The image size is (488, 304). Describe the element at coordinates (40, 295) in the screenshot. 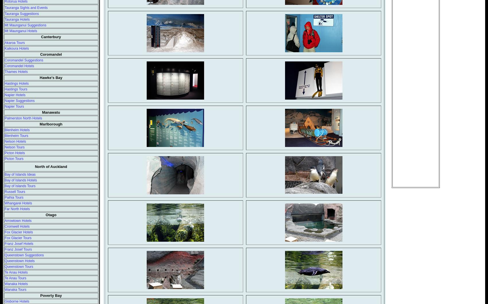

I see `'Poverty 
          Bay'` at that location.